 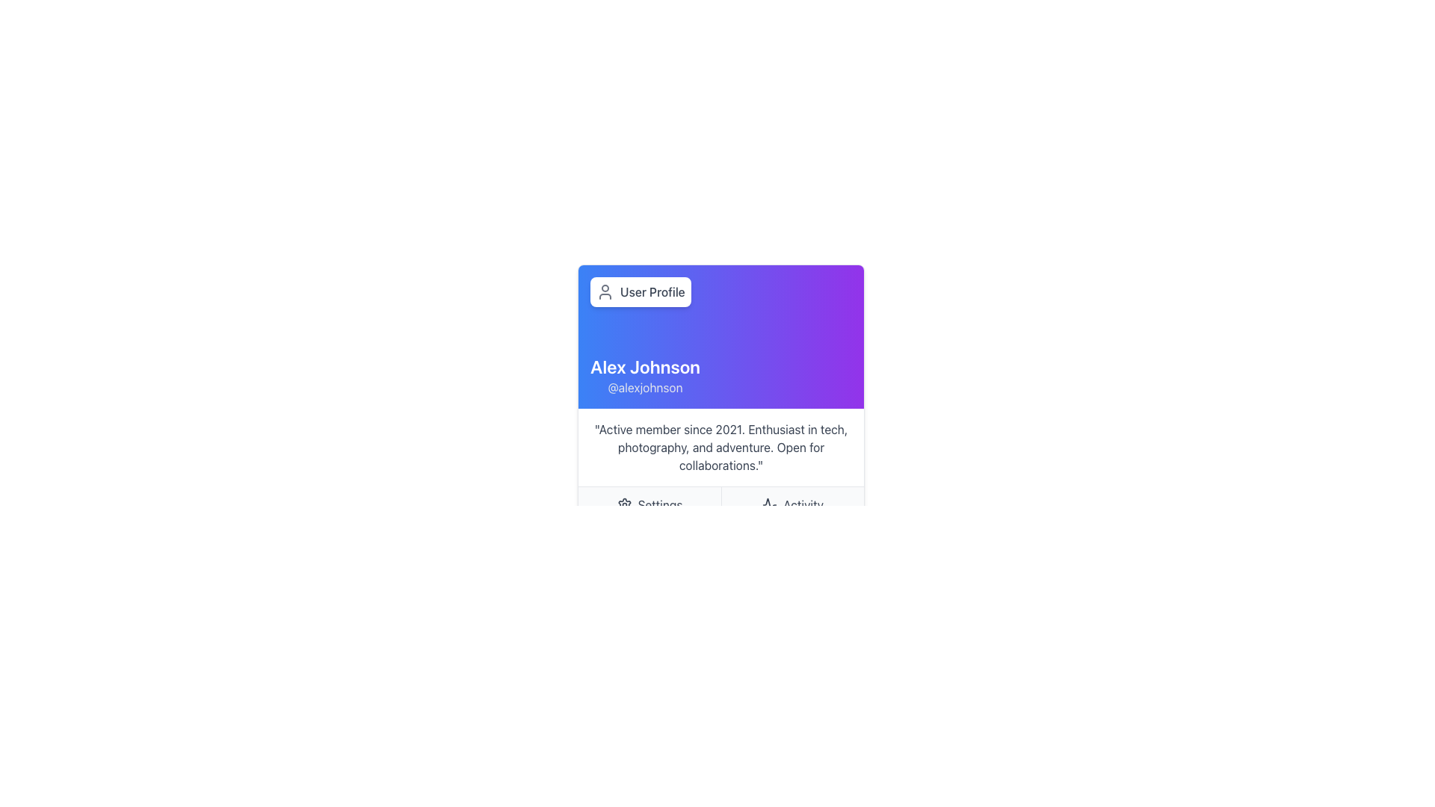 What do you see at coordinates (645, 387) in the screenshot?
I see `the static text displaying '@alexjohnson' in gray color, located below the name 'Alex Johnson' in the profile card` at bounding box center [645, 387].